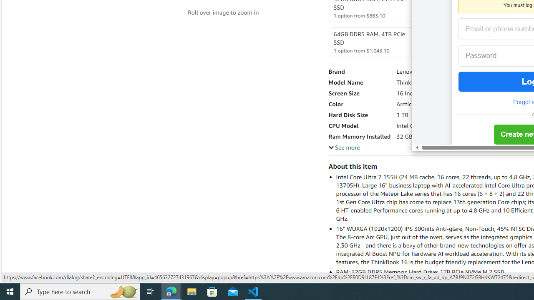 The height and width of the screenshot is (300, 534). Describe the element at coordinates (253, 291) in the screenshot. I see `'Visual Studio Code - 1 running window'` at that location.